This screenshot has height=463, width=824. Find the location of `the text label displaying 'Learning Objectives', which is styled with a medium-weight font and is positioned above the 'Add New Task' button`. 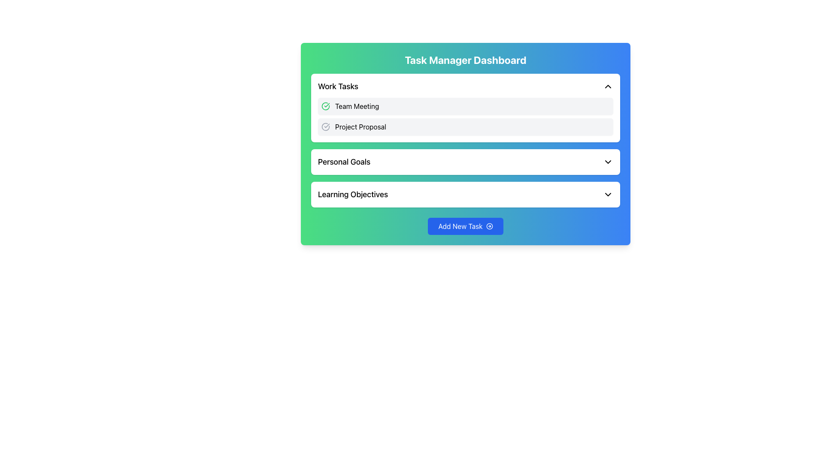

the text label displaying 'Learning Objectives', which is styled with a medium-weight font and is positioned above the 'Add New Task' button is located at coordinates (353, 195).